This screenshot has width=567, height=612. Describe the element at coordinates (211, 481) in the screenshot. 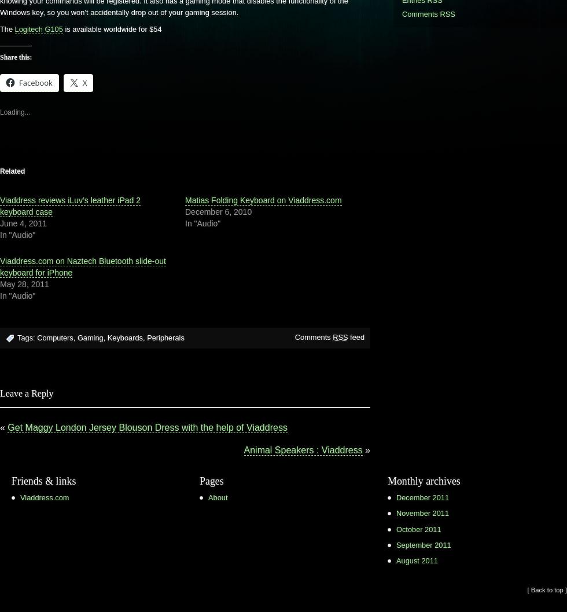

I see `'Pages'` at that location.